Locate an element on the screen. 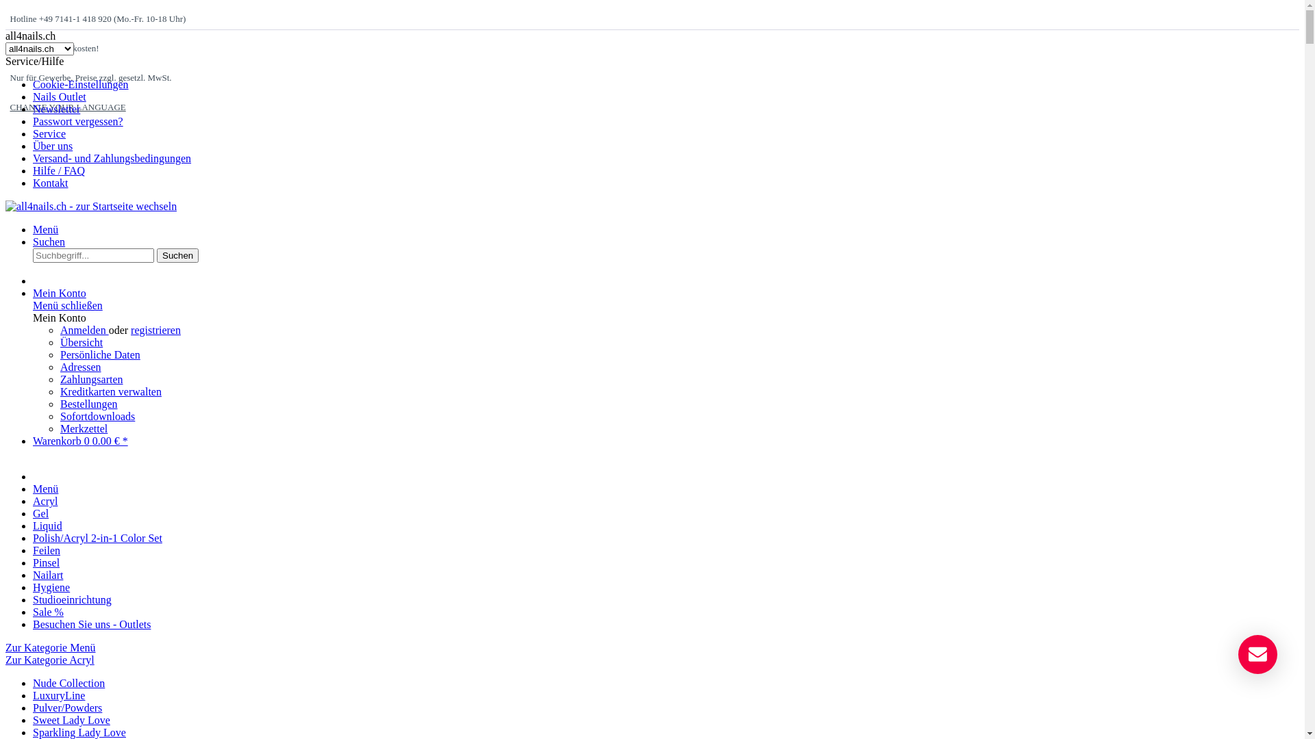  'Versand- und Zahlungsbedingungen' is located at coordinates (112, 157).